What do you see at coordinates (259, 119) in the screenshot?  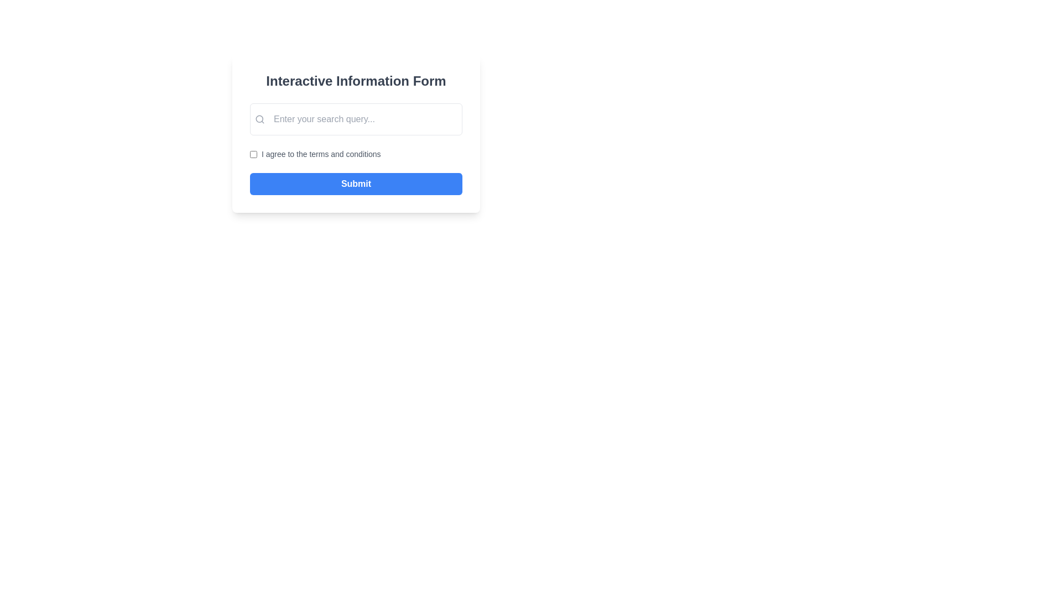 I see `the search icon located at the far left of the input area, which indicates the search functionality for entering a query` at bounding box center [259, 119].